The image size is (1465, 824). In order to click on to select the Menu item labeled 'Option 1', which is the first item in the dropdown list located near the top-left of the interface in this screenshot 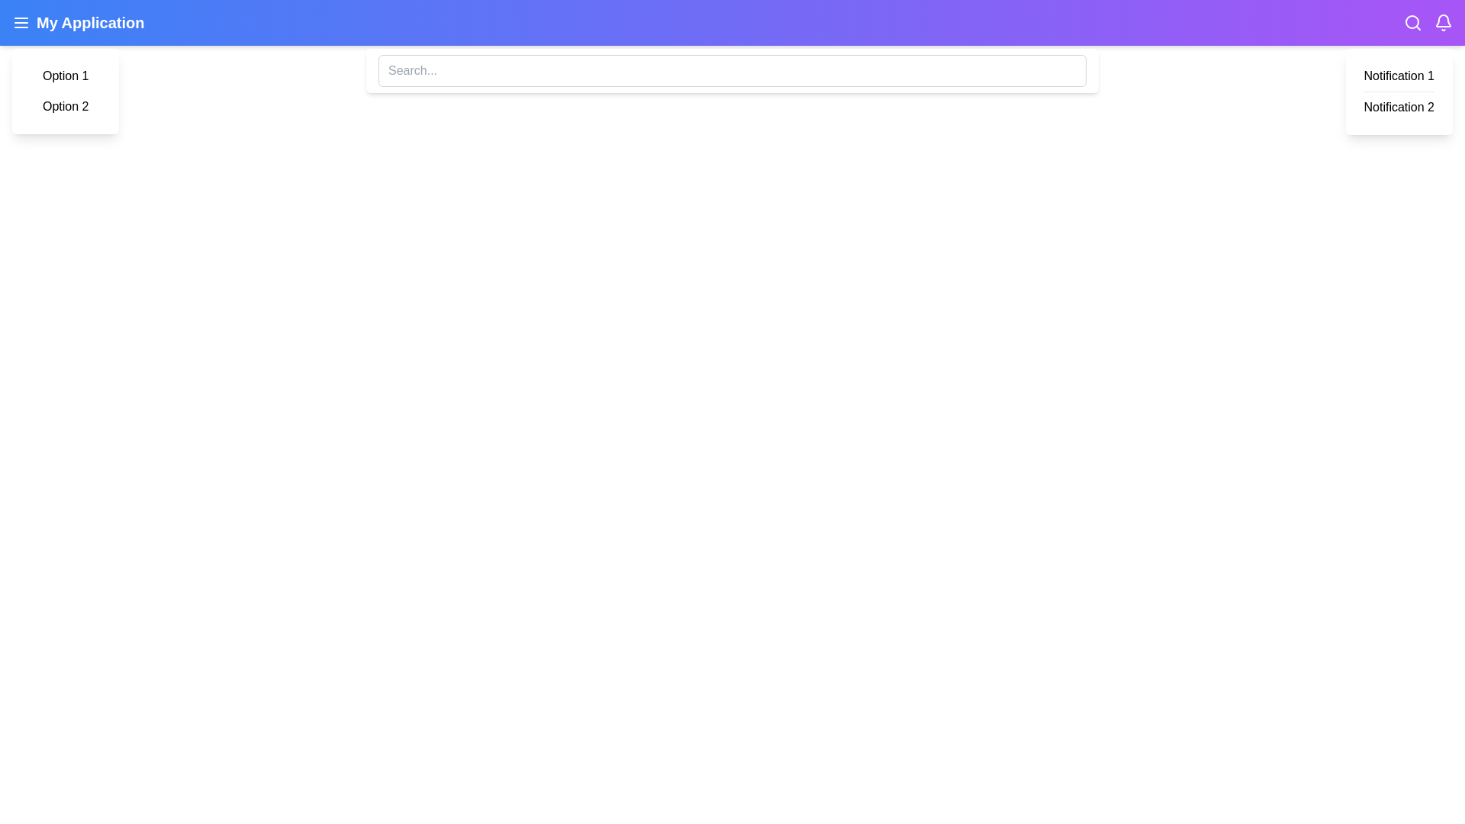, I will do `click(65, 76)`.